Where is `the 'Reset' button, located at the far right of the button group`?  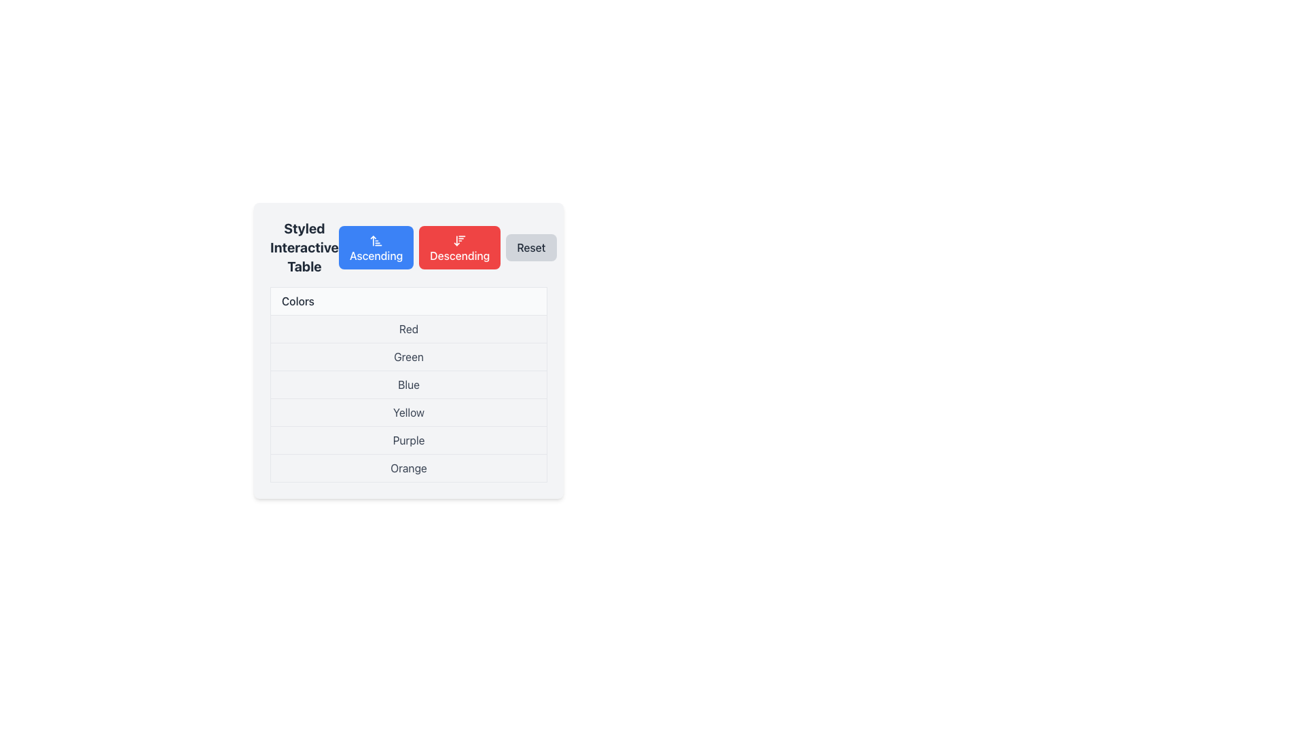
the 'Reset' button, located at the far right of the button group is located at coordinates (530, 248).